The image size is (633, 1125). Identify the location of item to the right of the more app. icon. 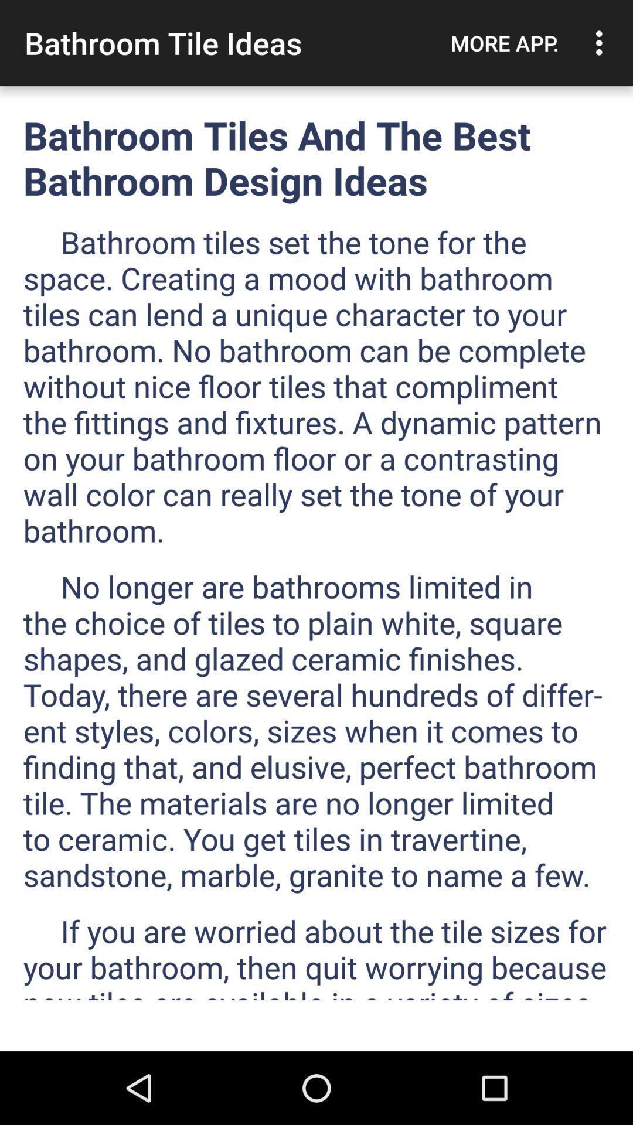
(602, 43).